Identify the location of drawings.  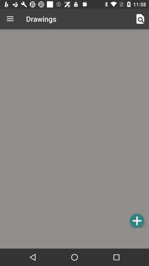
(137, 221).